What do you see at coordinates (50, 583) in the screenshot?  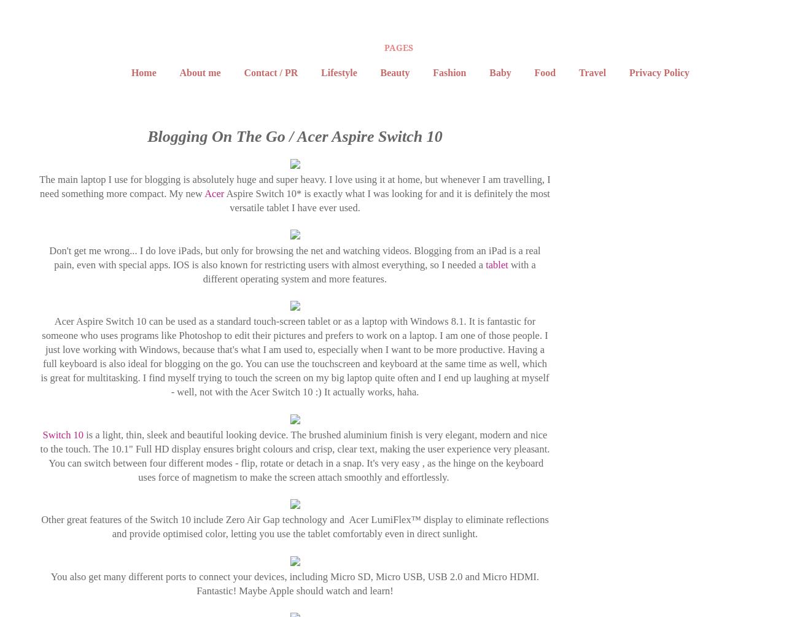 I see `'You also get many different ports to connect your devices, including Micro SD, Micro USB, USB 2.0 and Micro HDMI. Fantastic! Maybe Apple should watch and learn!'` at bounding box center [50, 583].